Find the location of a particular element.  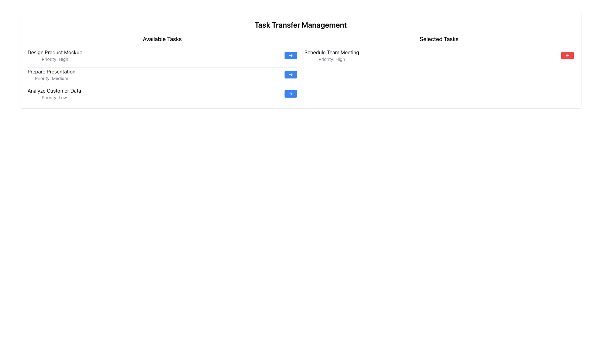

the blue button with a white right arrow icon, positioned at the far right of the 'Analyze Customer Data' task row, to trigger a visual state change is located at coordinates (290, 94).